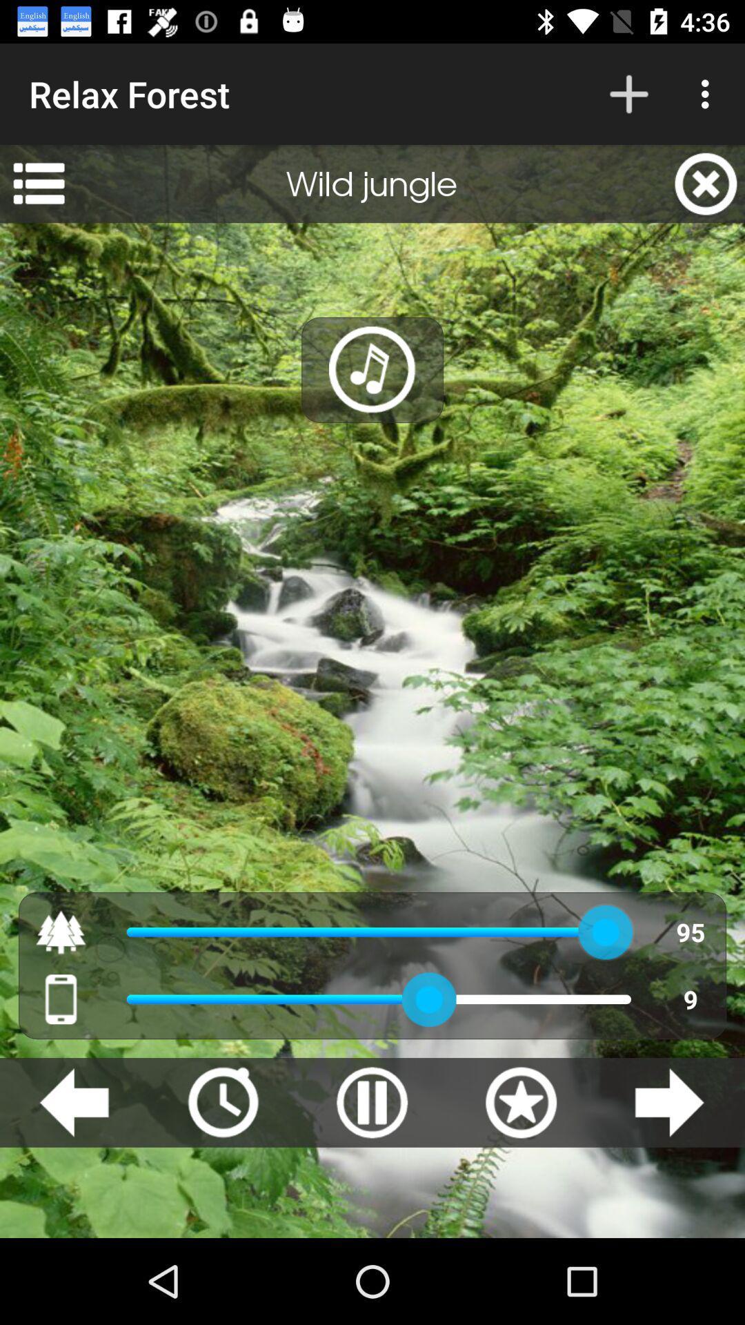 This screenshot has width=745, height=1325. Describe the element at coordinates (372, 370) in the screenshot. I see `the icon below wild jungle app` at that location.